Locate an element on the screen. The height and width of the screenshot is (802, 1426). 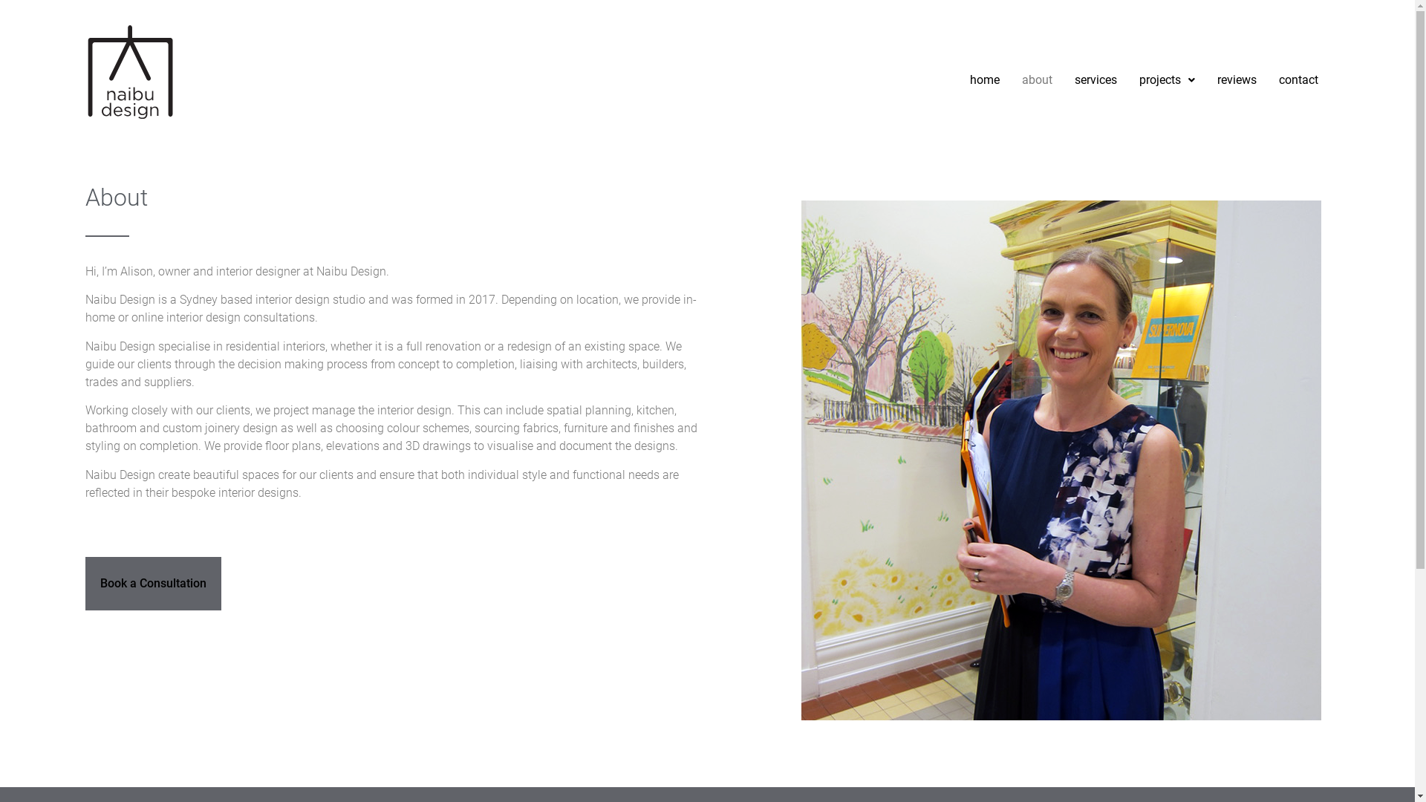
'projects' is located at coordinates (1166, 80).